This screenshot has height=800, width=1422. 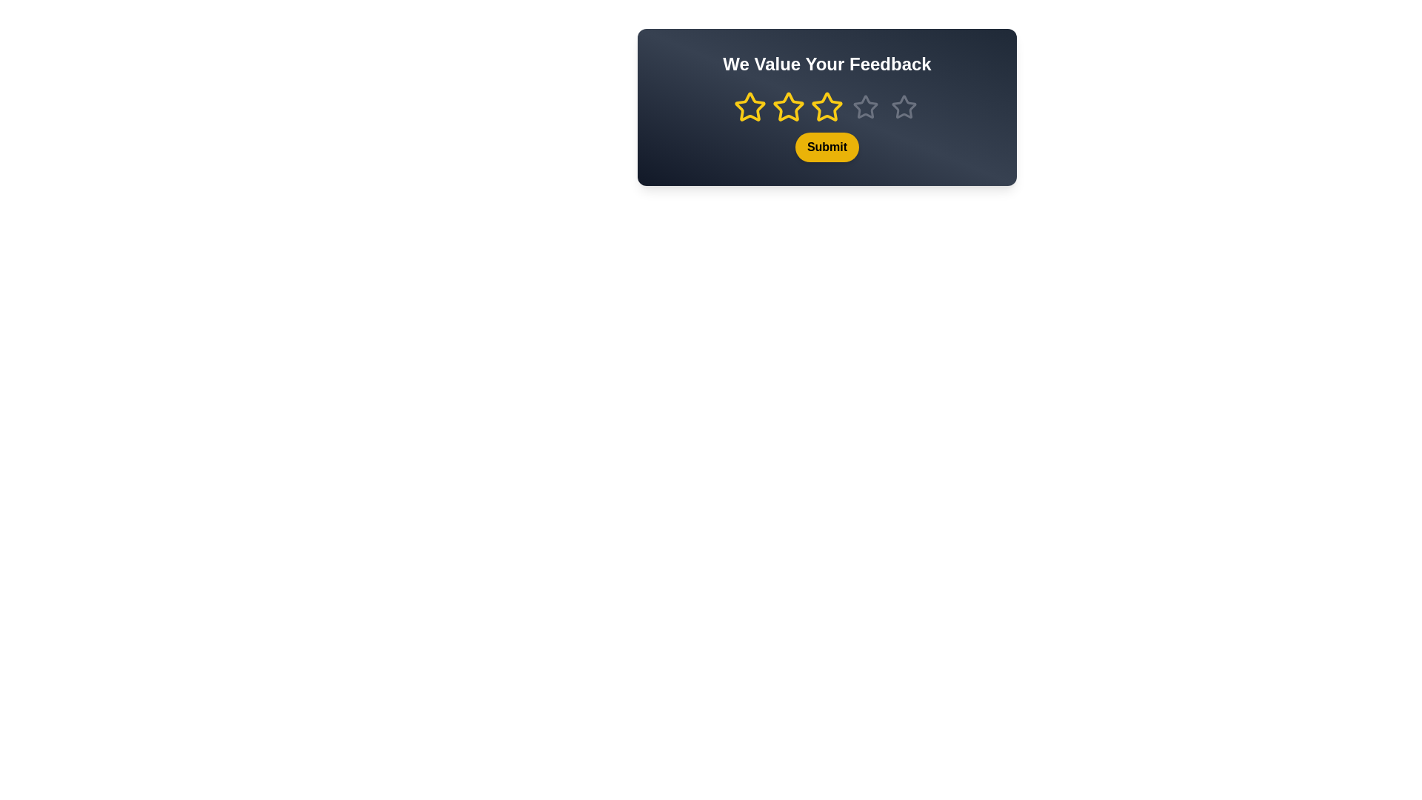 I want to click on the second star icon in the rating system at the top center of the feedback panel to assign a rating, so click(x=788, y=107).